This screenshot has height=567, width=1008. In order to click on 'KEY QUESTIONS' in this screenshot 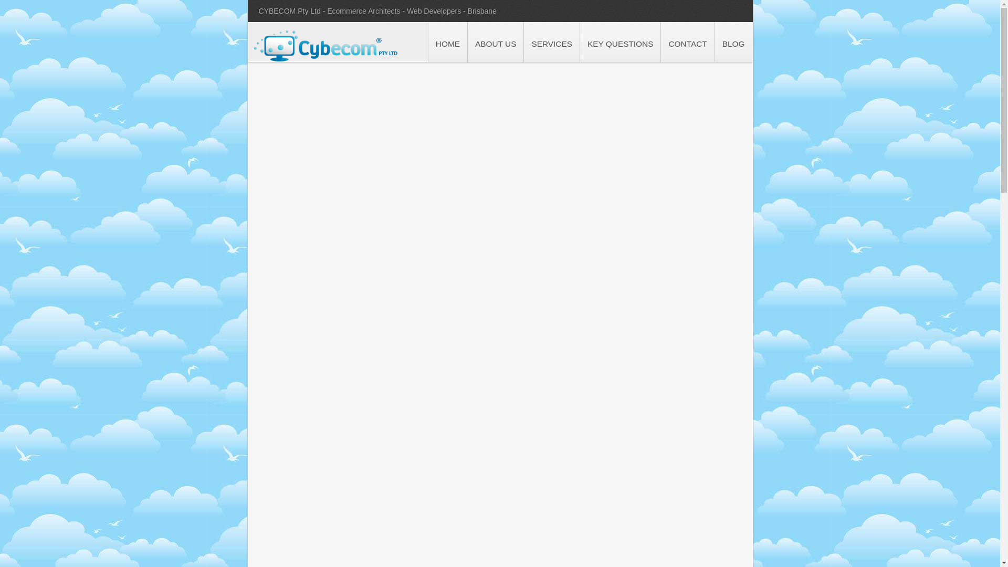, I will do `click(619, 41)`.